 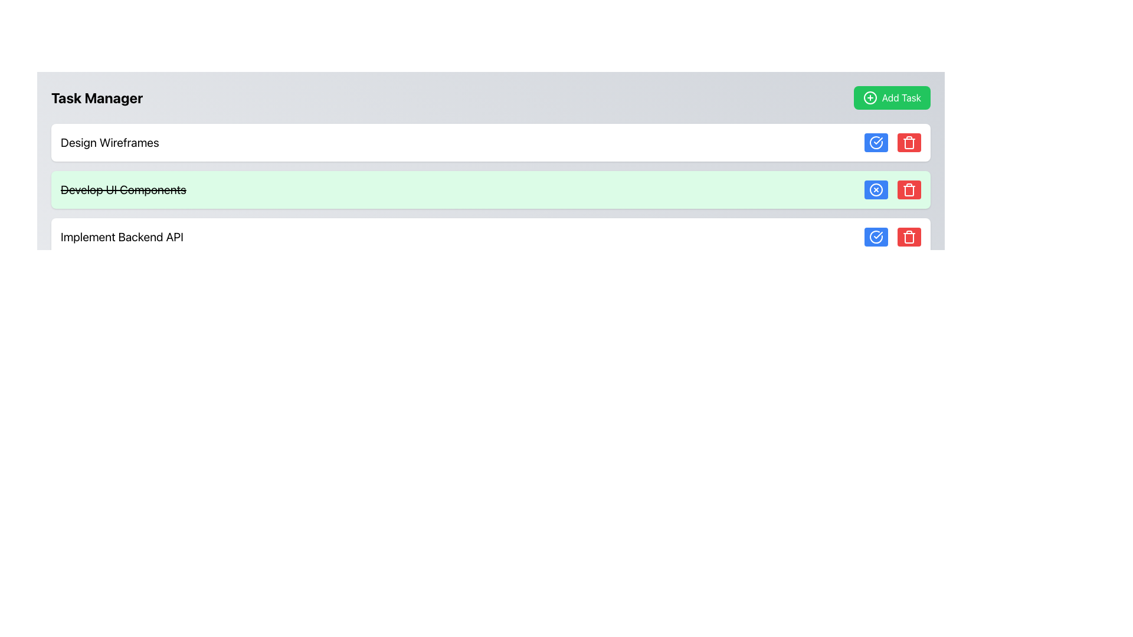 I want to click on the delete button located in the rightmost section of the task item row, which is the second button from the right, so click(x=908, y=189).